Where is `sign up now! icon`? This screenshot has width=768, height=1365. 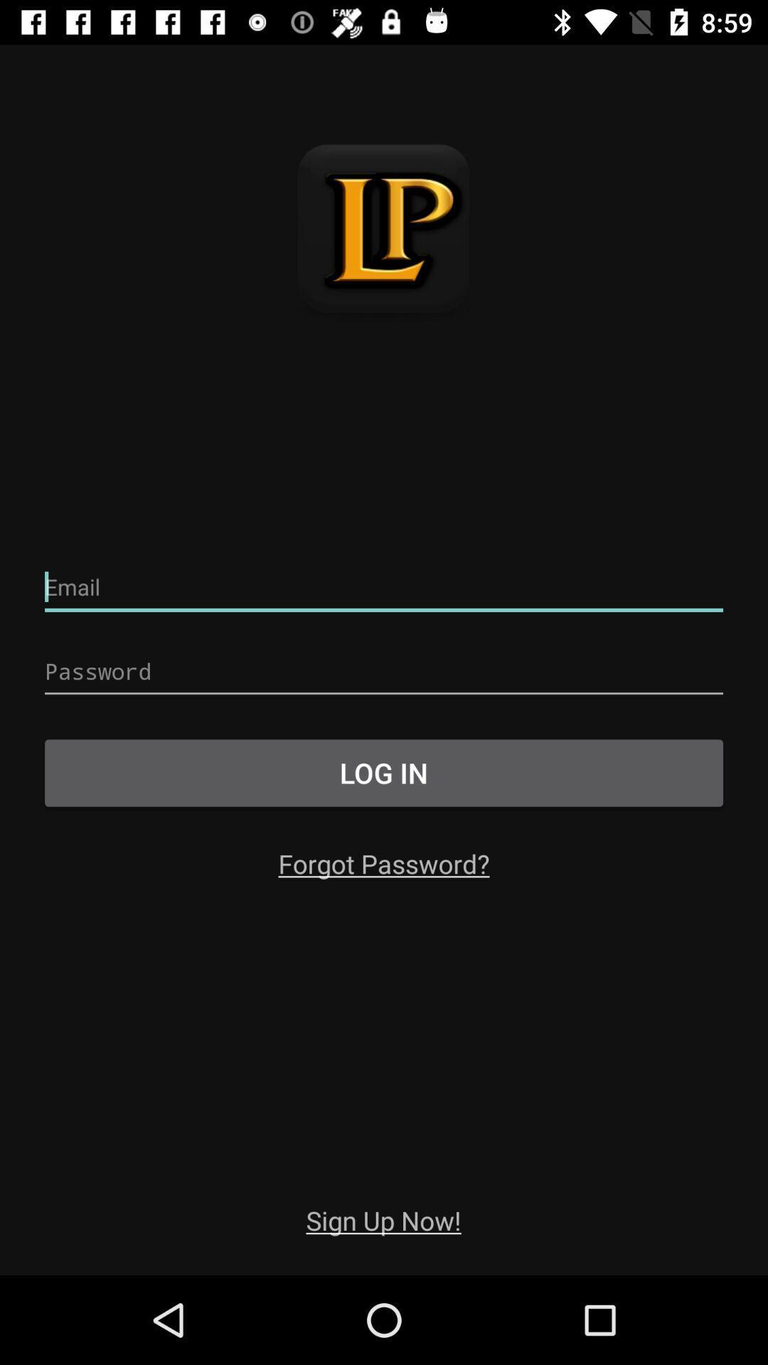
sign up now! icon is located at coordinates (383, 1219).